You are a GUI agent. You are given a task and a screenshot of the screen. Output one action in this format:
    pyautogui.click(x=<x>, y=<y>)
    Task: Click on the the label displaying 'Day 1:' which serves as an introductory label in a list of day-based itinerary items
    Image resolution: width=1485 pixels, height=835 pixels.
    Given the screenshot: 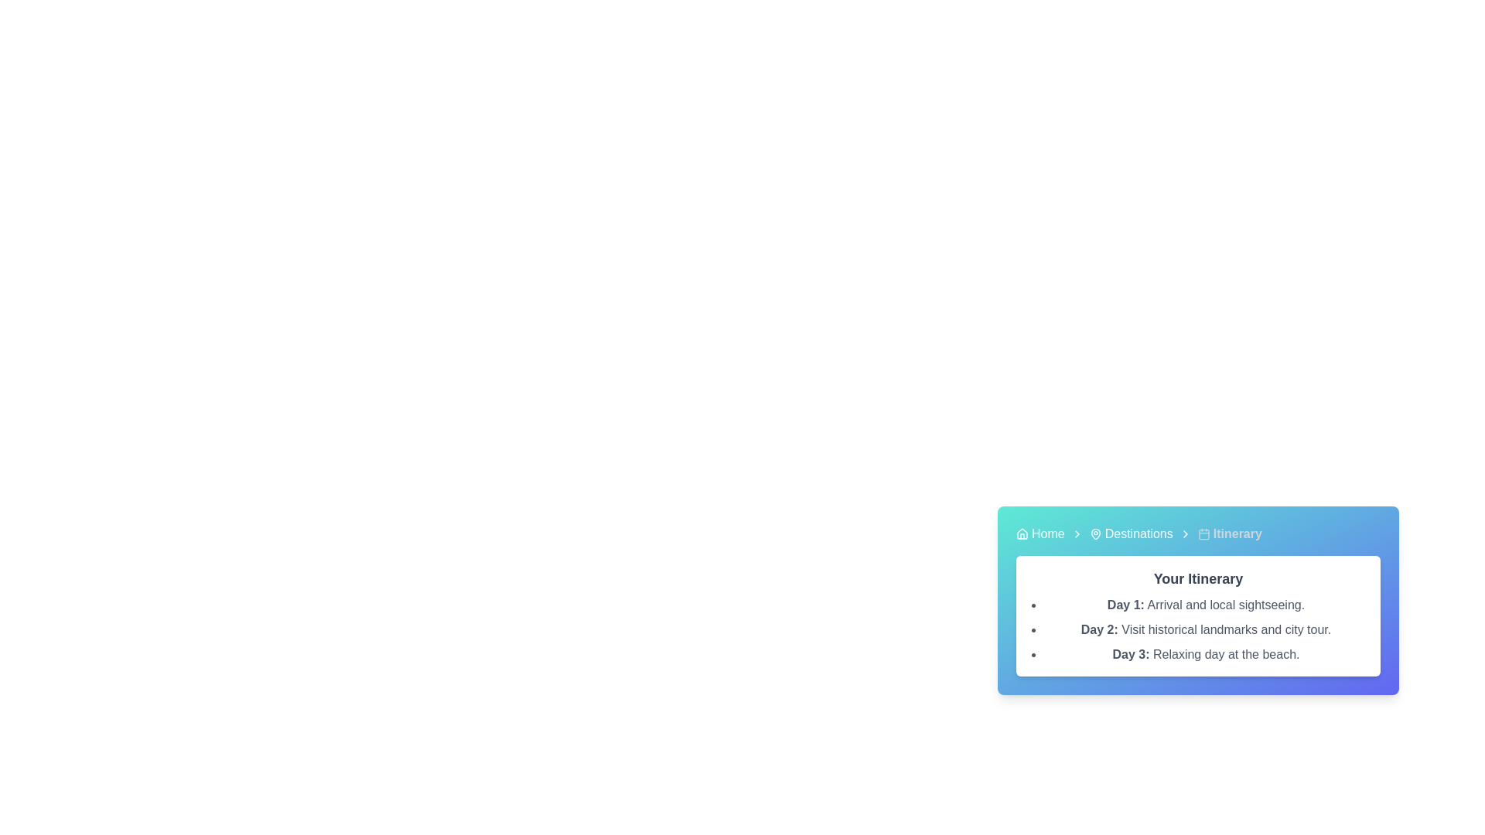 What is the action you would take?
    pyautogui.click(x=1125, y=604)
    